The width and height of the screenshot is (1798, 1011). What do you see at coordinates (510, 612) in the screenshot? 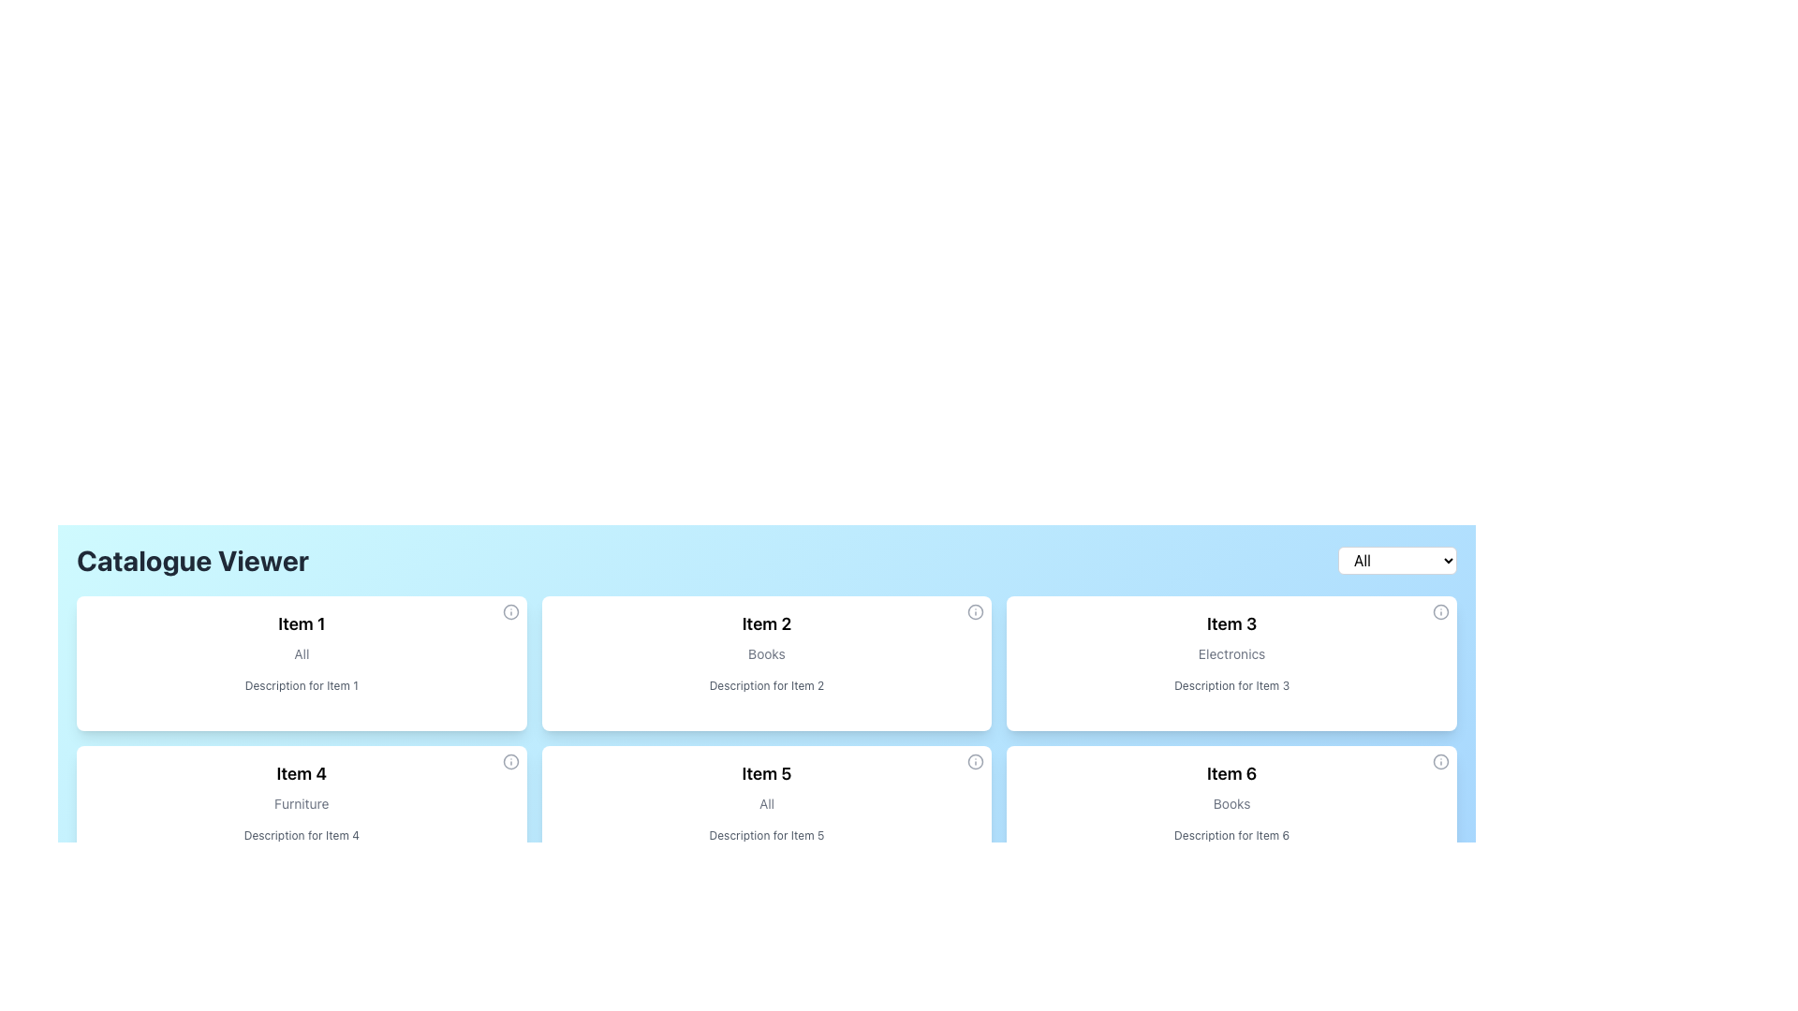
I see `the circular vector graphic element located in the top-right corner of the 'Item 1' card, which has a thin border and a circular center` at bounding box center [510, 612].